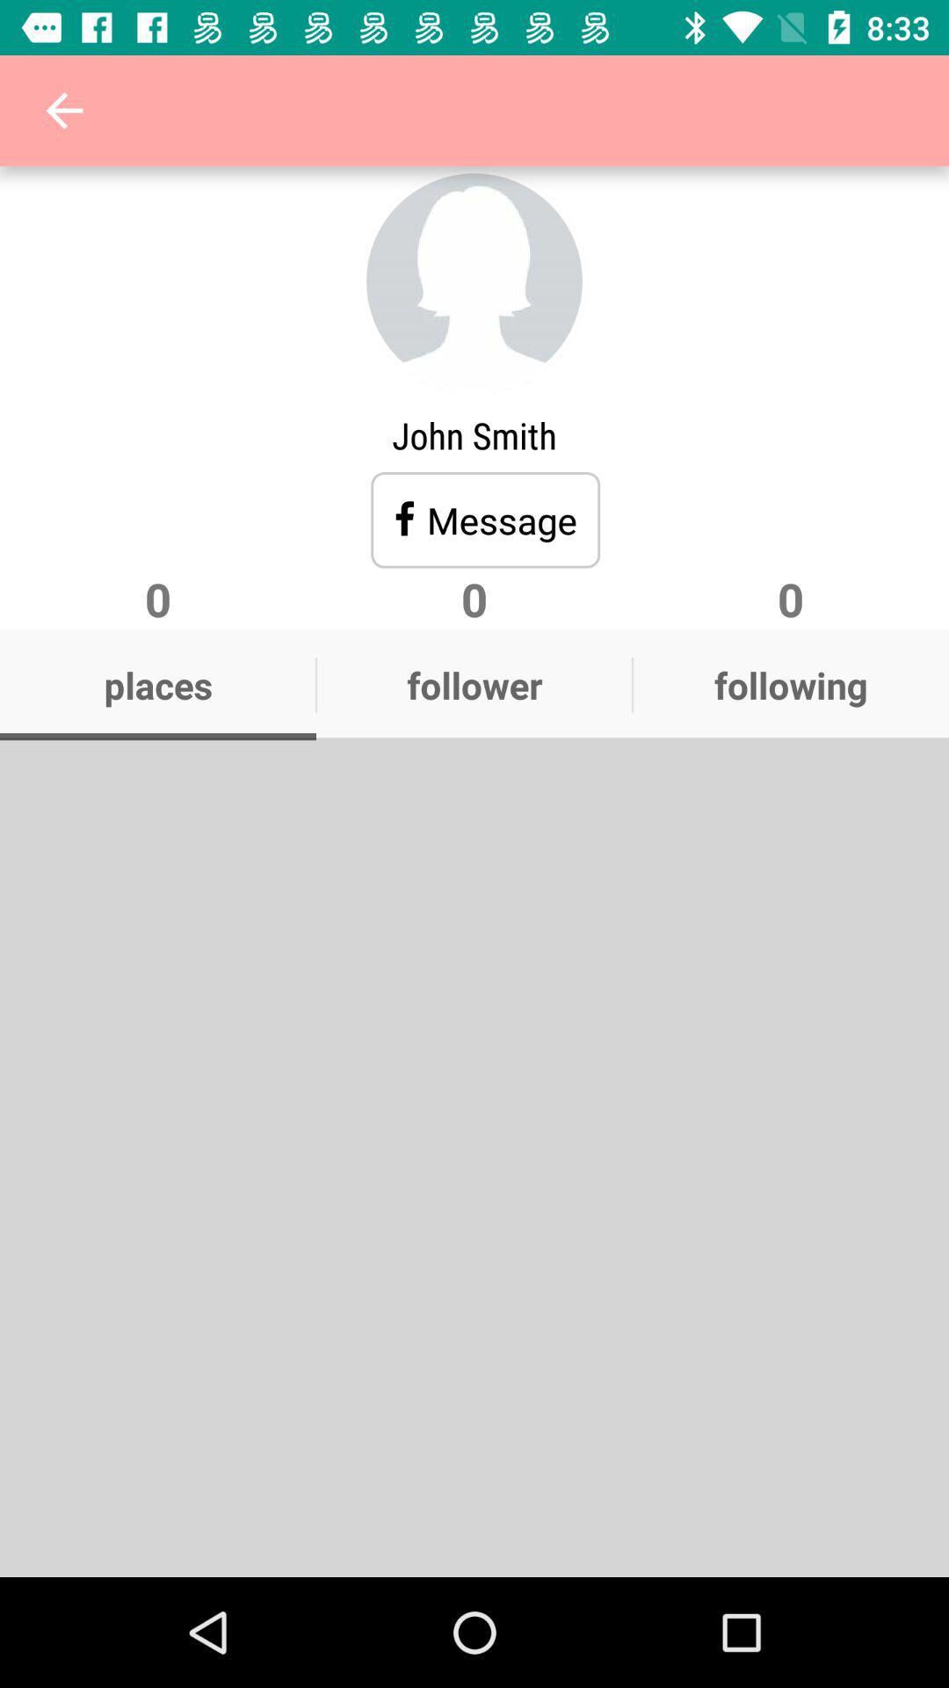  What do you see at coordinates (63, 109) in the screenshot?
I see `item at the top left corner` at bounding box center [63, 109].